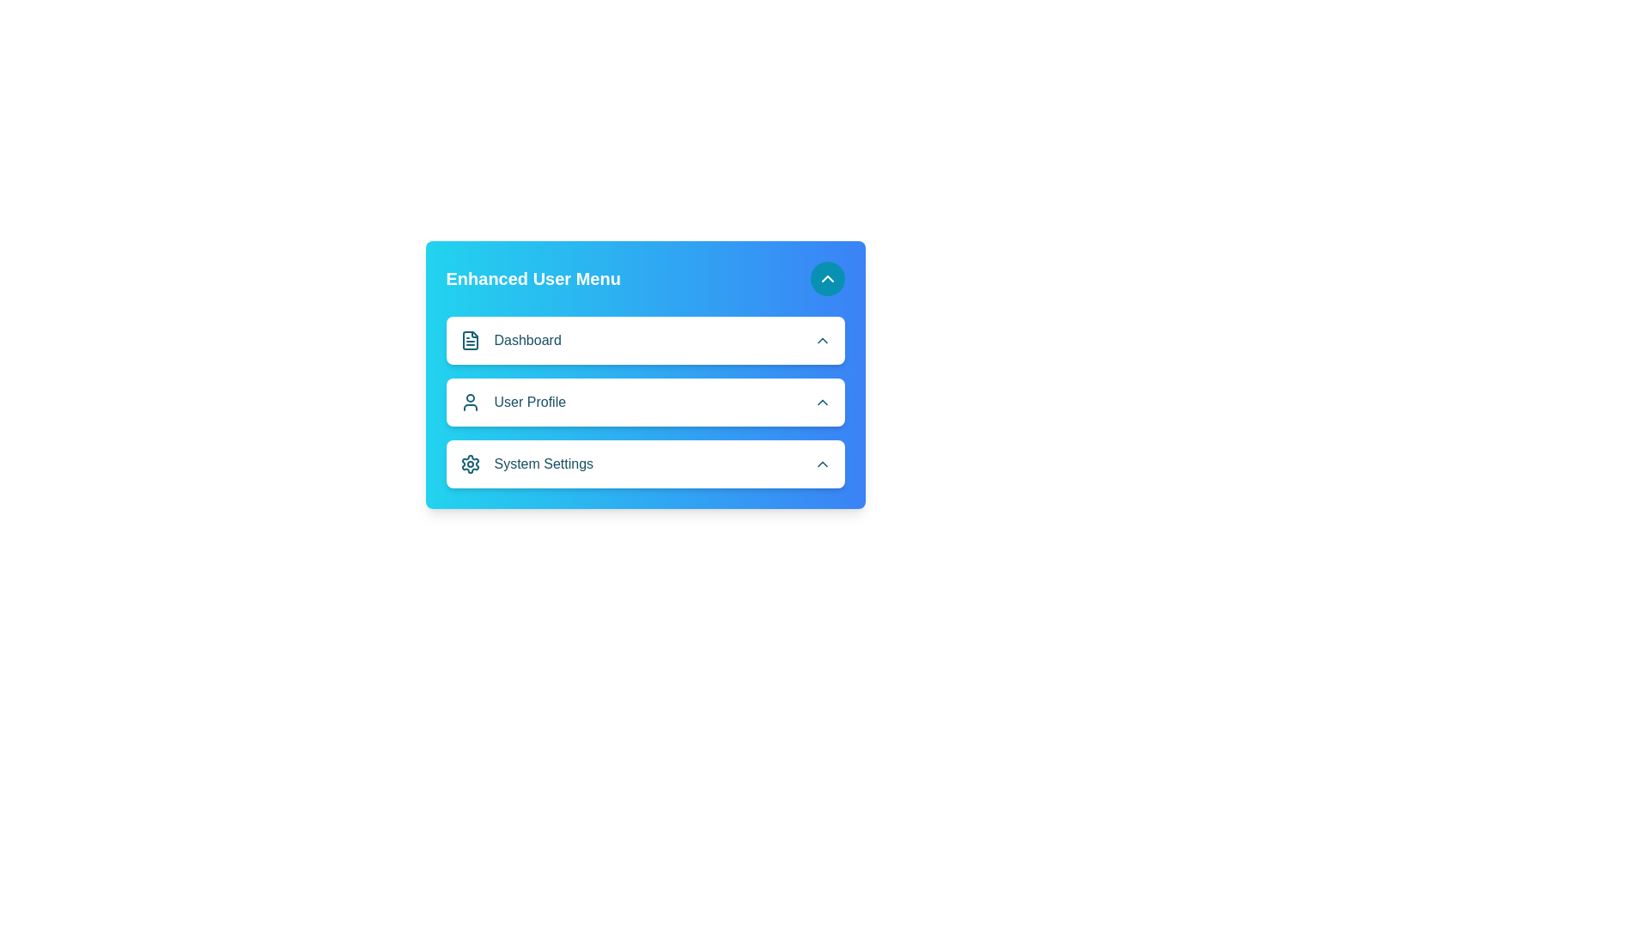 The width and height of the screenshot is (1649, 927). What do you see at coordinates (470, 403) in the screenshot?
I see `the user profile menu item by clicking on the icon that is positioned to the left of the 'User Profile' text in the vertical menu` at bounding box center [470, 403].